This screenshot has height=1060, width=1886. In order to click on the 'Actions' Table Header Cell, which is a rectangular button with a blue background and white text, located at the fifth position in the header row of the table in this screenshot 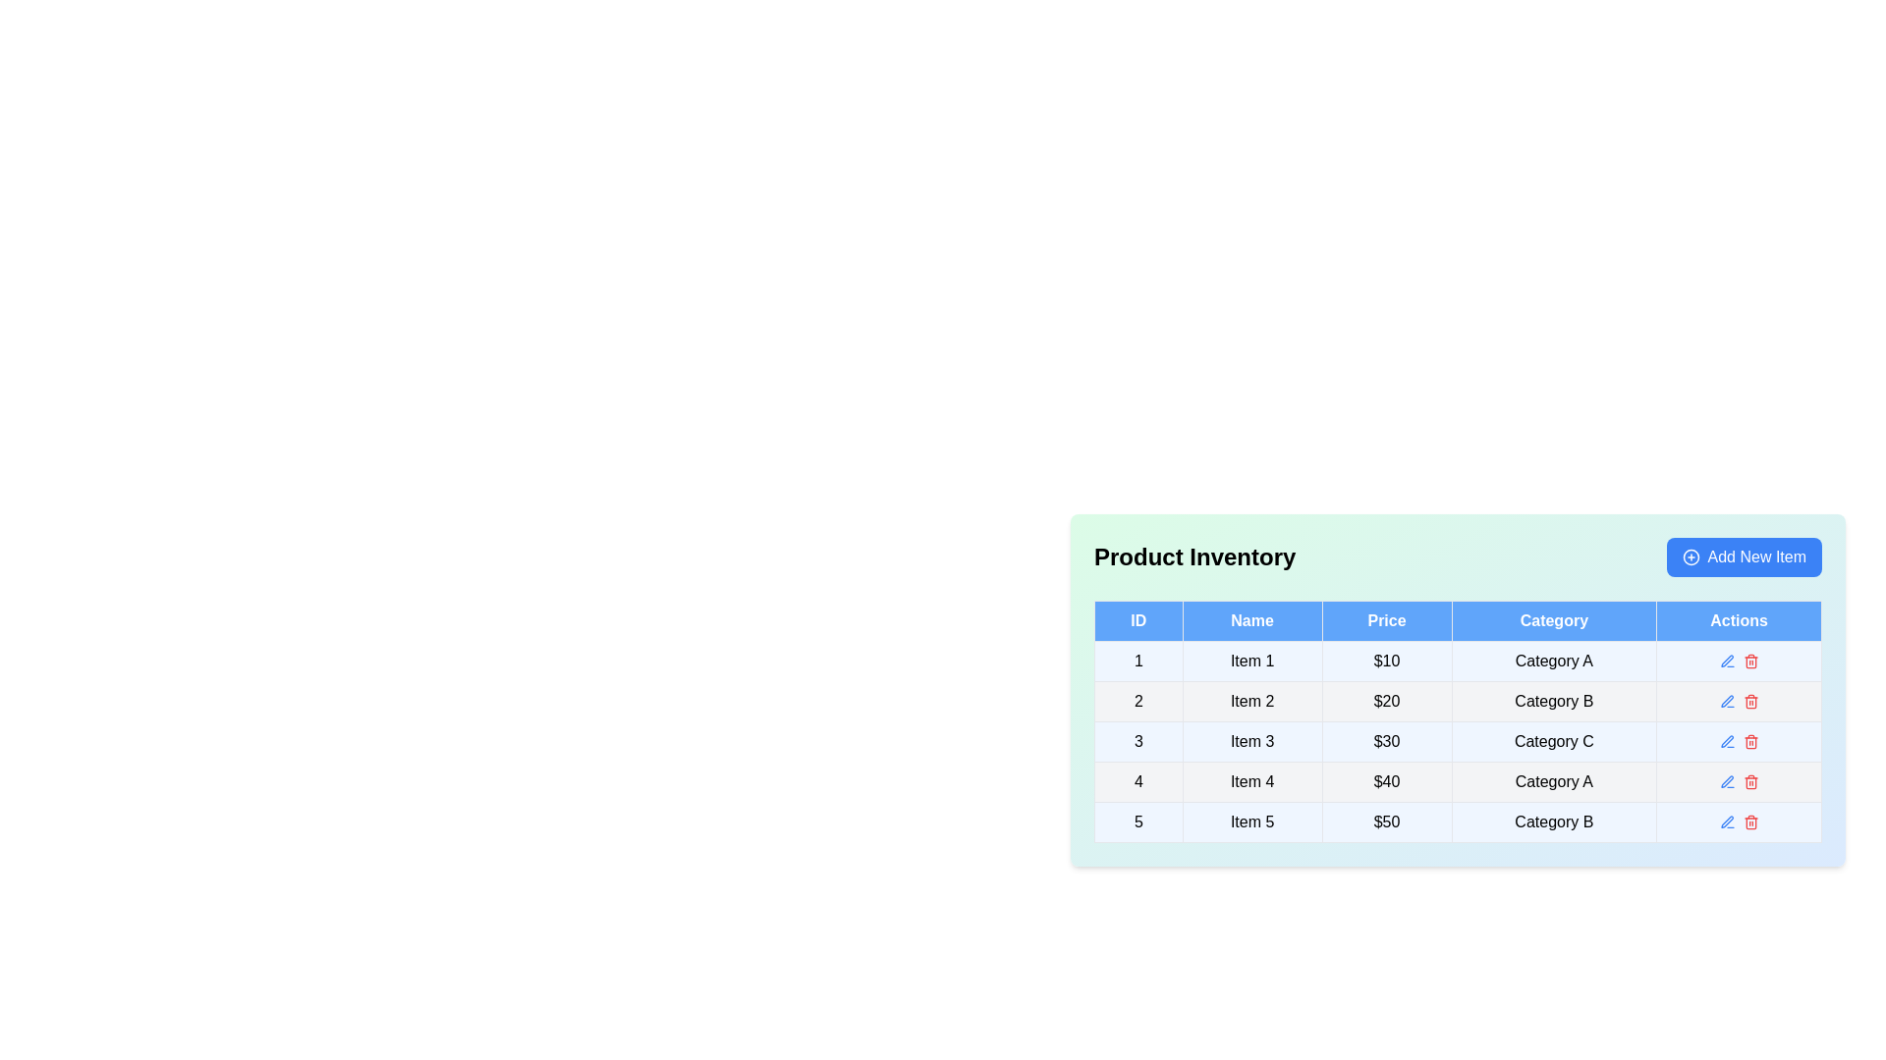, I will do `click(1739, 620)`.